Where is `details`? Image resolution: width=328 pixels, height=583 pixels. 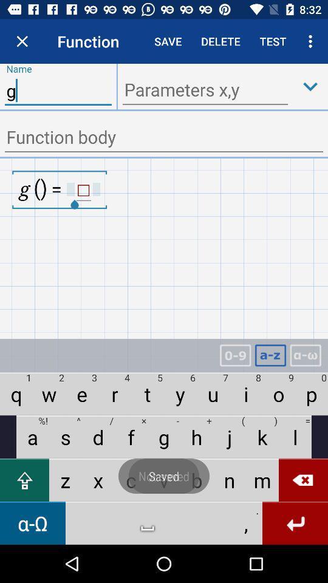 details is located at coordinates (164, 138).